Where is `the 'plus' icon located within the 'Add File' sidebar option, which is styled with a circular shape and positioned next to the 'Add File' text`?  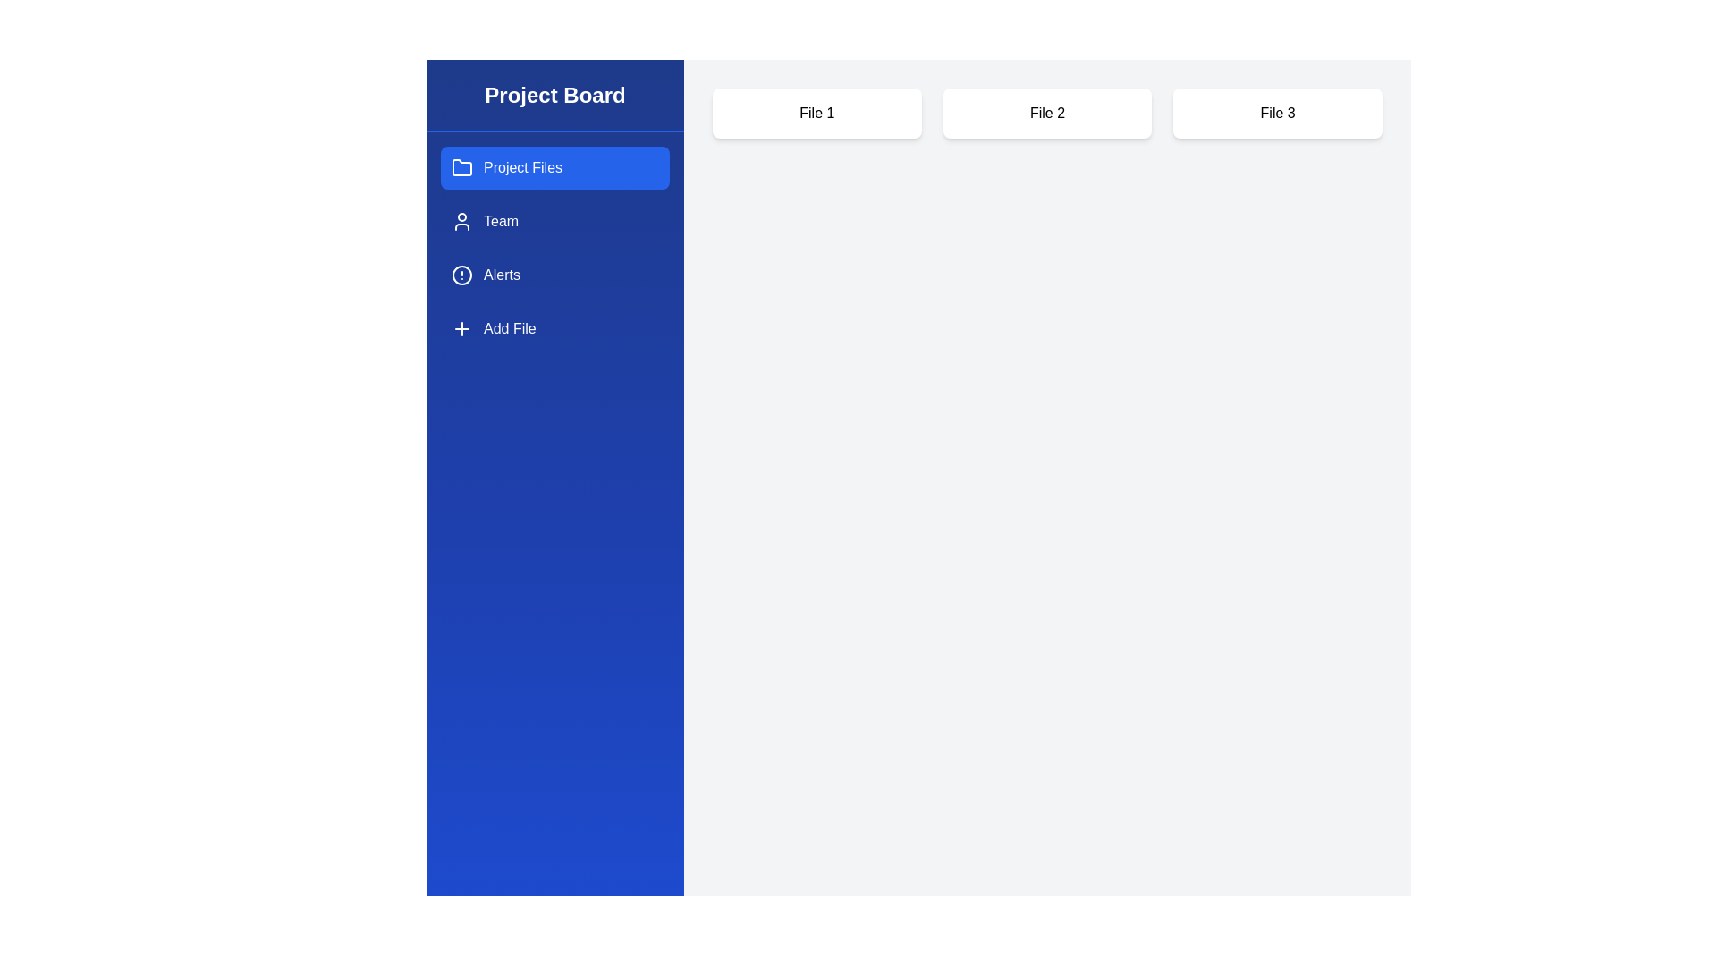 the 'plus' icon located within the 'Add File' sidebar option, which is styled with a circular shape and positioned next to the 'Add File' text is located at coordinates (462, 328).